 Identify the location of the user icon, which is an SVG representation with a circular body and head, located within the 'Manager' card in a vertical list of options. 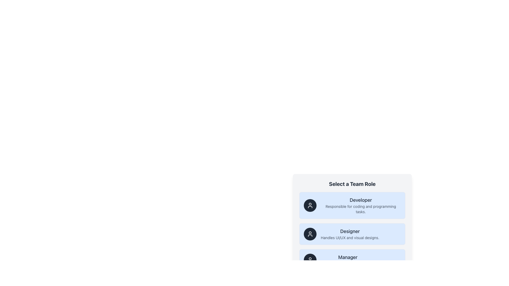
(310, 260).